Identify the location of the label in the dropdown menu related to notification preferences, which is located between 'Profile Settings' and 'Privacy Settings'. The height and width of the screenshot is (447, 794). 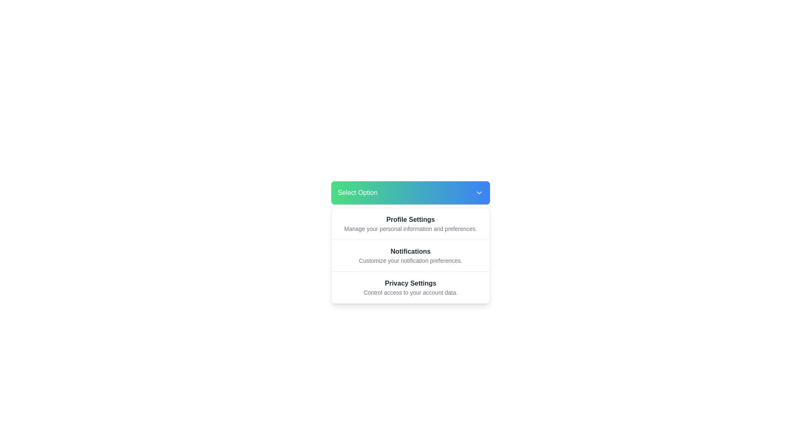
(411, 251).